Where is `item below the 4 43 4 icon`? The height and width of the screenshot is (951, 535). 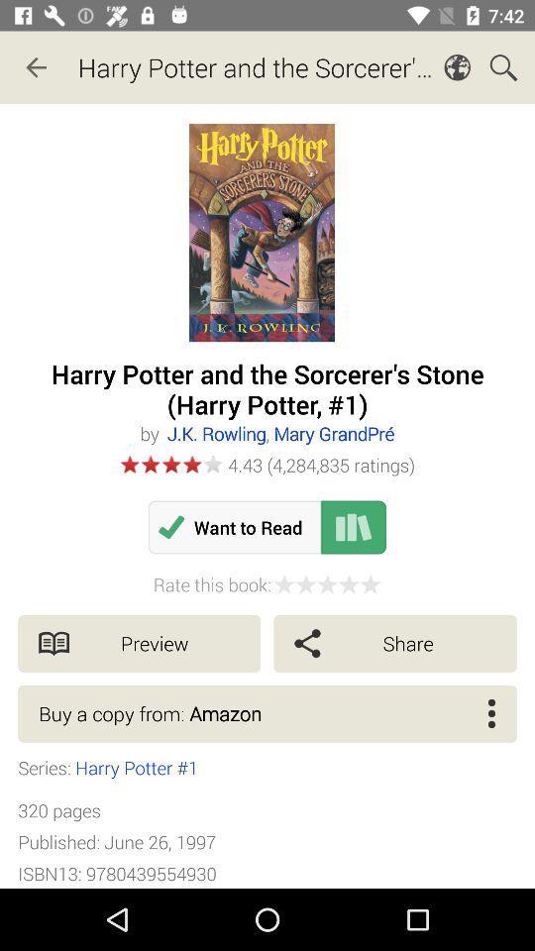
item below the 4 43 4 icon is located at coordinates (235, 526).